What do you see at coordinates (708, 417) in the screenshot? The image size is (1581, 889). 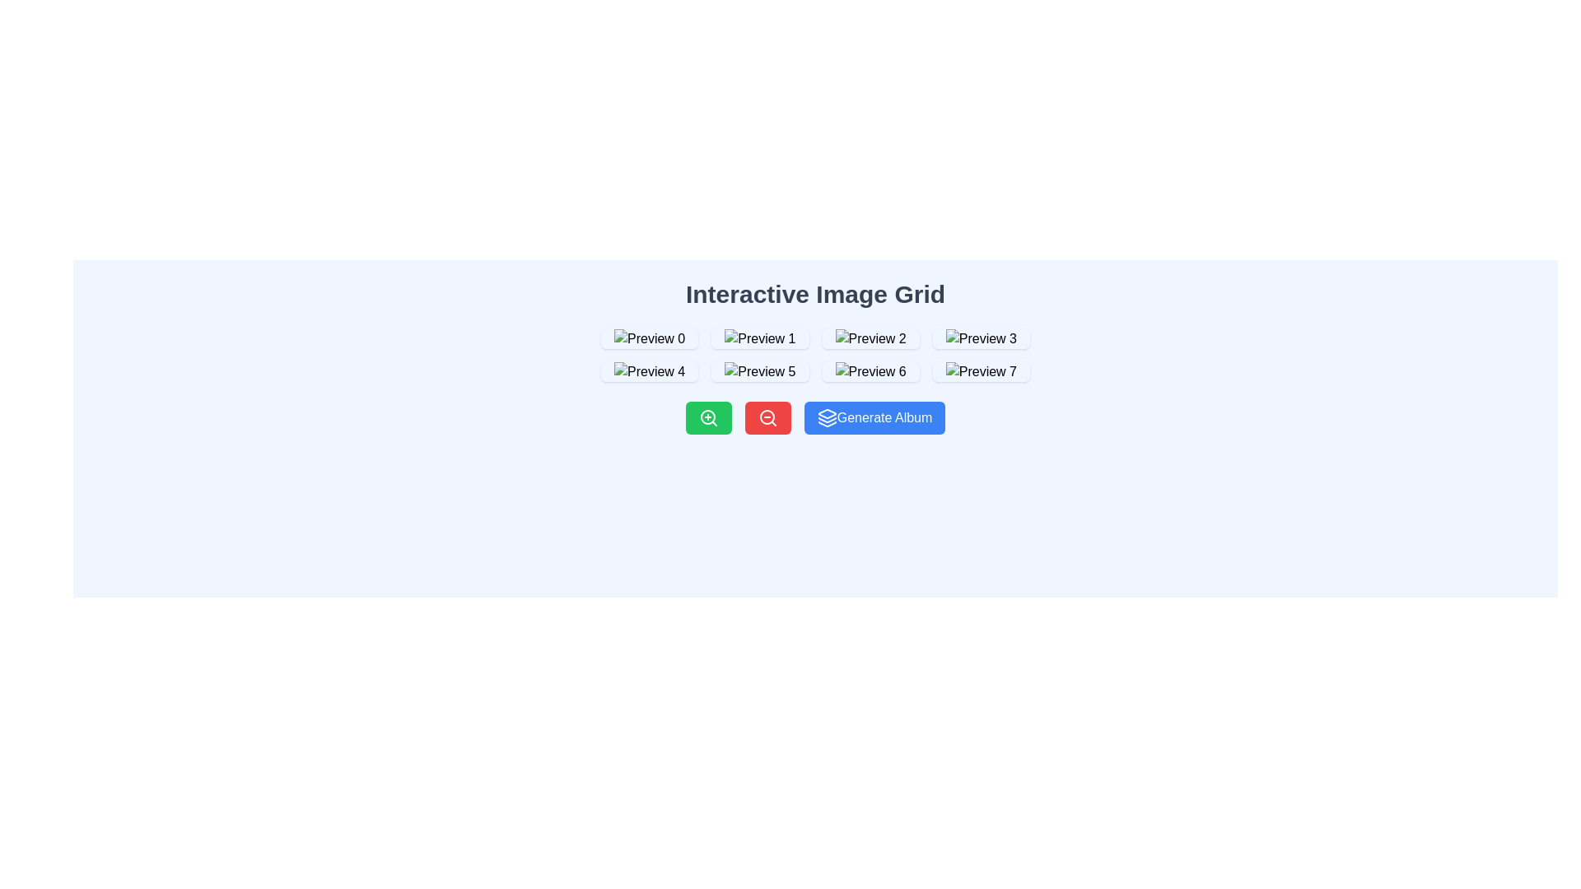 I see `the zoom-in icon located within the green button at the bottom center of the interface` at bounding box center [708, 417].